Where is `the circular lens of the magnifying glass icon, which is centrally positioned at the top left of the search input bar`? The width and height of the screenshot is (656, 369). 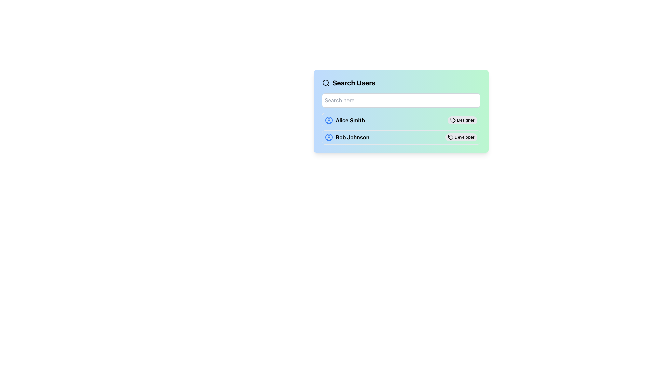 the circular lens of the magnifying glass icon, which is centrally positioned at the top left of the search input bar is located at coordinates (325, 82).